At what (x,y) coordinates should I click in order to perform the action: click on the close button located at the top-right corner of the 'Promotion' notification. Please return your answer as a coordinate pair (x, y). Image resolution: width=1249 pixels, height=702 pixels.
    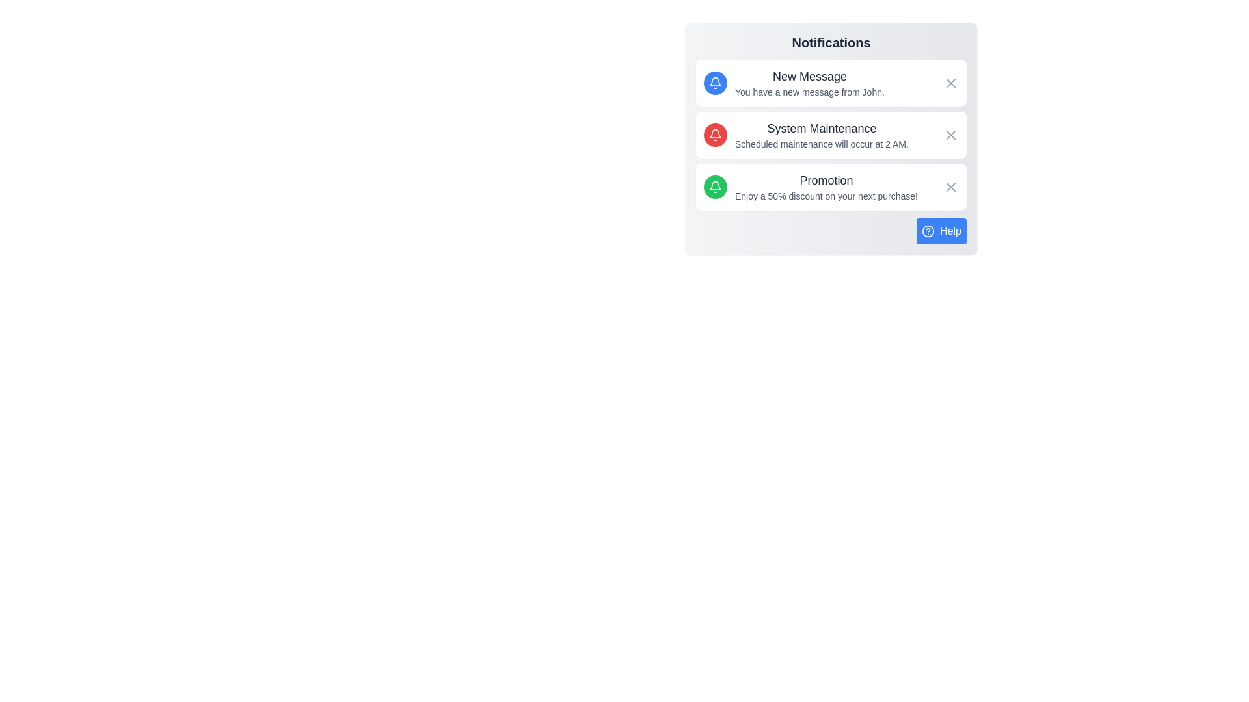
    Looking at the image, I should click on (951, 187).